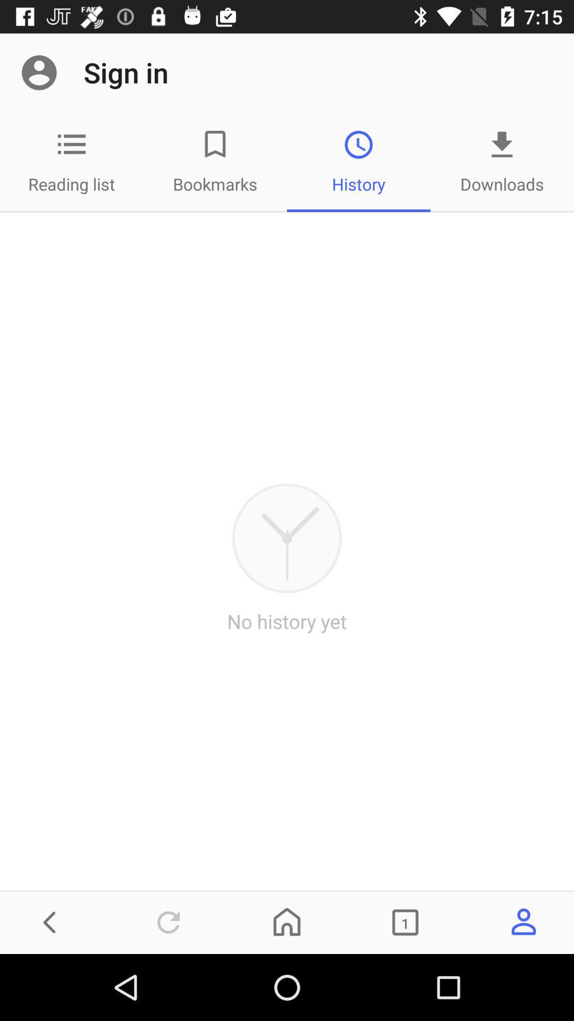 Image resolution: width=574 pixels, height=1021 pixels. What do you see at coordinates (72, 144) in the screenshot?
I see `the button between bookmarks and downloads` at bounding box center [72, 144].